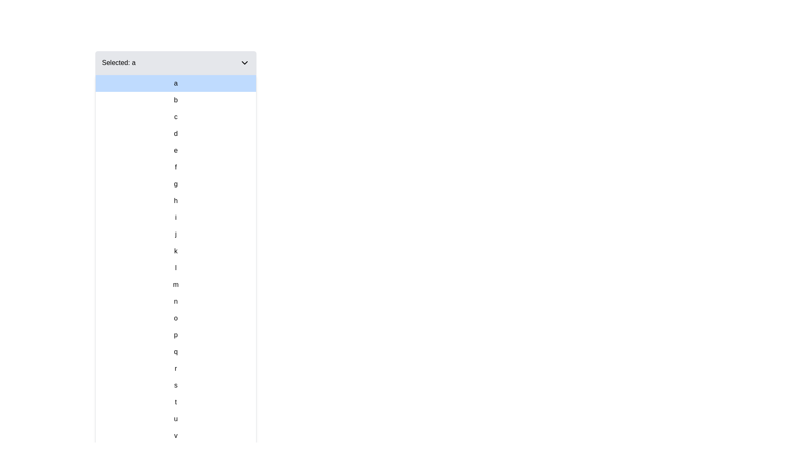  Describe the element at coordinates (175, 133) in the screenshot. I see `to select the dropdown list item displaying the character 'd', which is the fourth row in the vertically arranged list of alphabetic characters` at that location.